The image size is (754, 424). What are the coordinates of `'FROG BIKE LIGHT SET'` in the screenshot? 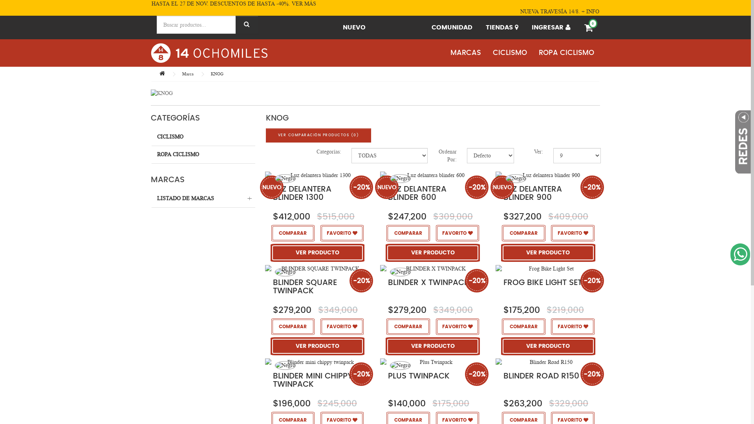 It's located at (542, 283).